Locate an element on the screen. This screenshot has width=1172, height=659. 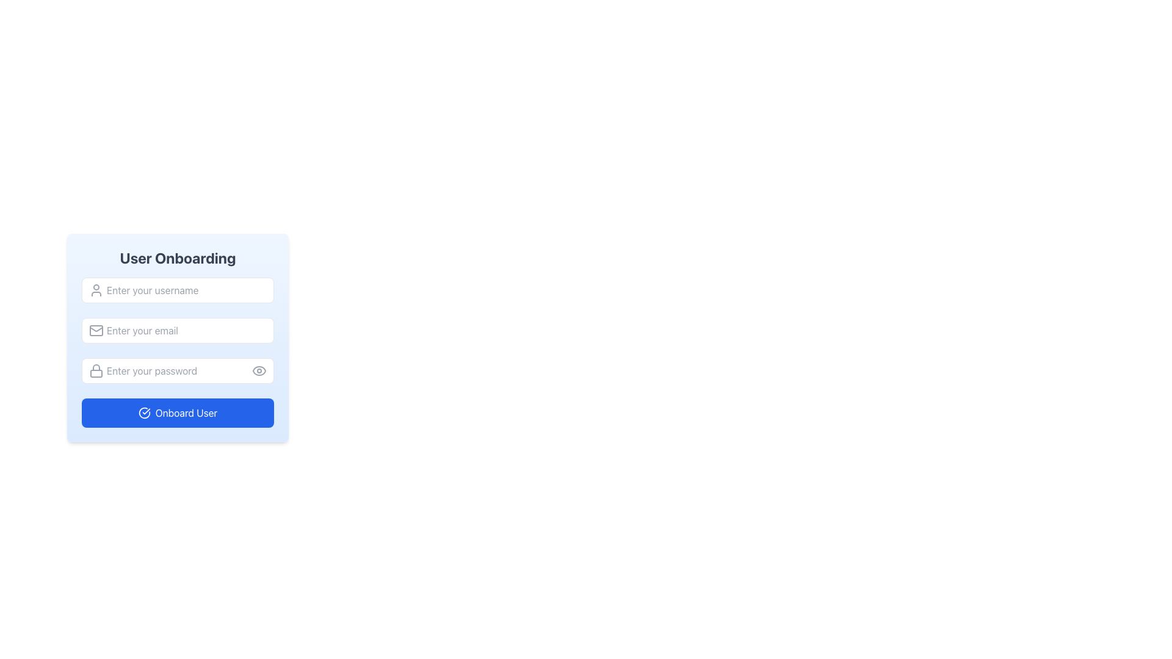
the email field indicator icon located to the left of the email input field in the user onboarding form is located at coordinates (96, 331).